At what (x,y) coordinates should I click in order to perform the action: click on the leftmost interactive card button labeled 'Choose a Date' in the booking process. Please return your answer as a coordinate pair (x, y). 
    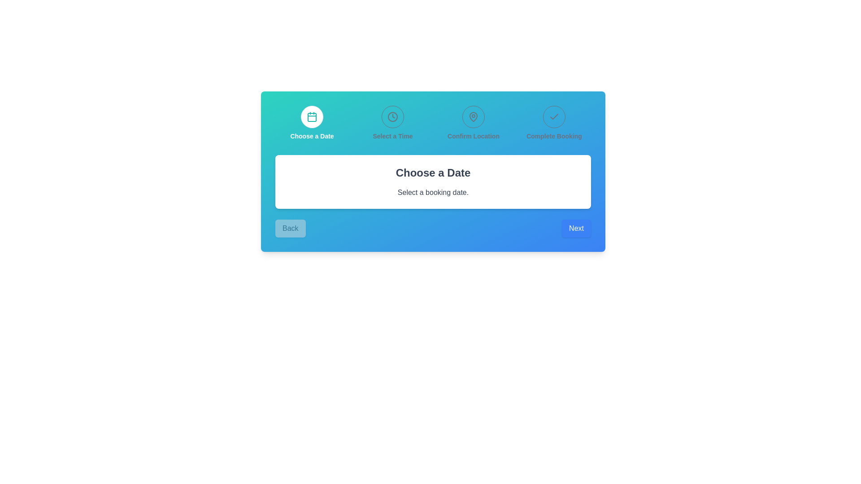
    Looking at the image, I should click on (312, 123).